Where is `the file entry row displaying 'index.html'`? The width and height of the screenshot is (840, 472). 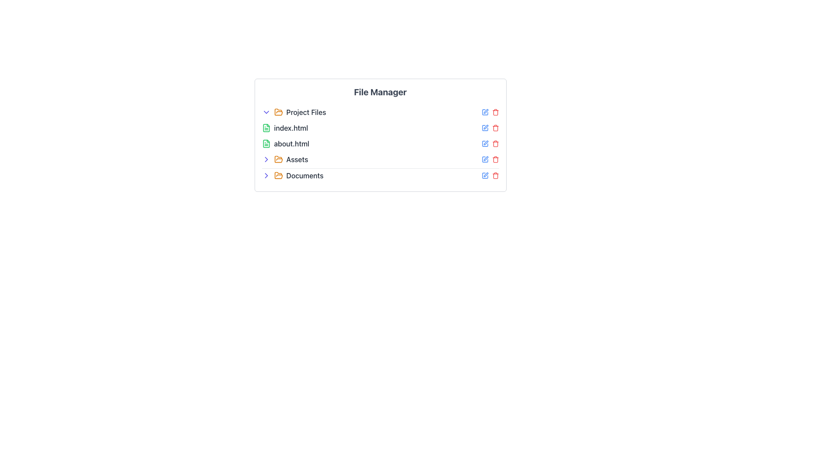
the file entry row displaying 'index.html' is located at coordinates (380, 128).